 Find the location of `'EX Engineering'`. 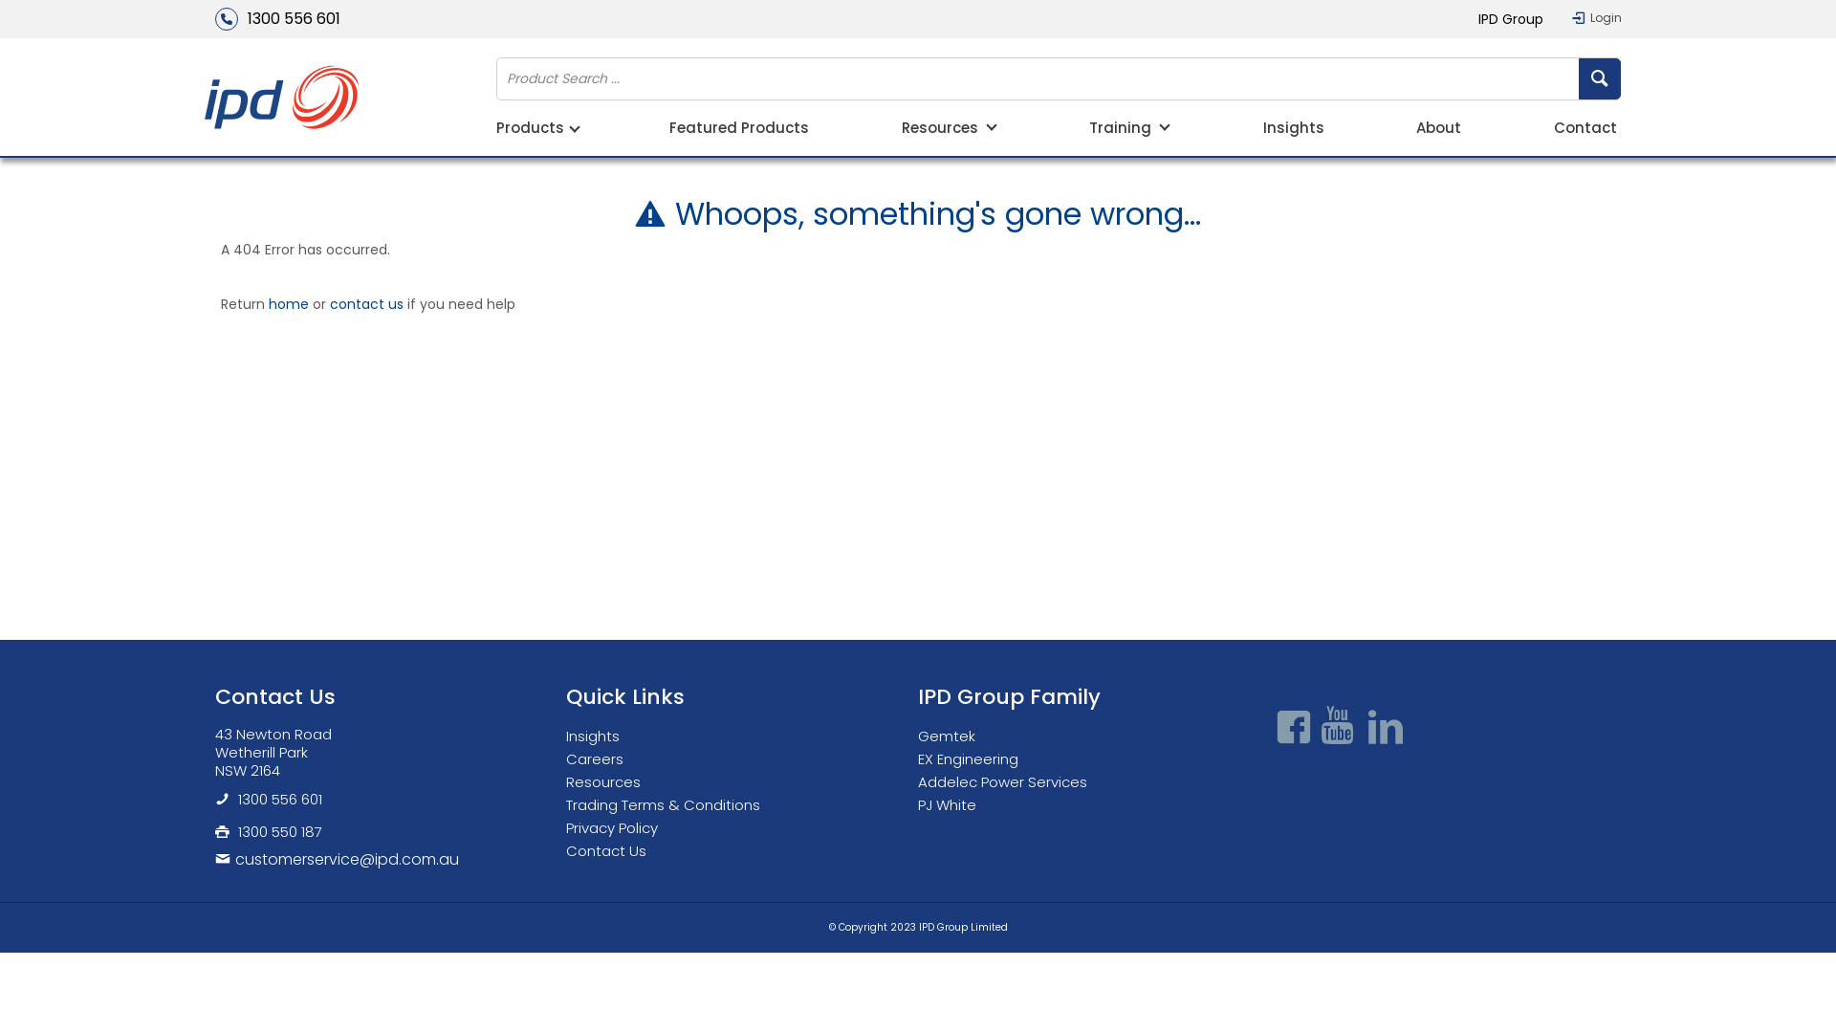

'EX Engineering' is located at coordinates (973, 758).